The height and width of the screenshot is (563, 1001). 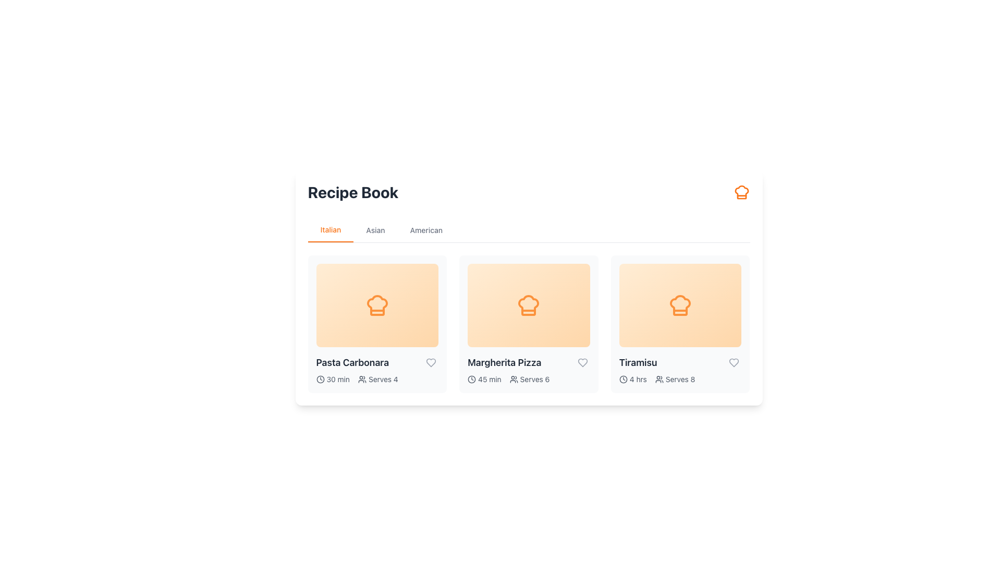 I want to click on the gradient-colored rectangular card with rounded corners that contains a centered chef hat icon, located in the rightmost column of the Italian recipes grid, so click(x=680, y=305).